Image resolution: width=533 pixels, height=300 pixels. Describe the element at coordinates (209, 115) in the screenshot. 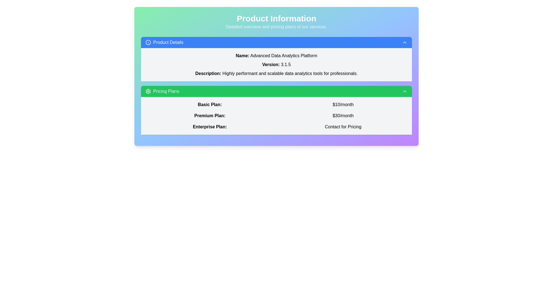

I see `text label stating 'Premium Plan:' which is part of the pricing options in the 'Pricing Plans' section, located between 'Basic Plan:' and 'Enterprise Plan:'` at that location.